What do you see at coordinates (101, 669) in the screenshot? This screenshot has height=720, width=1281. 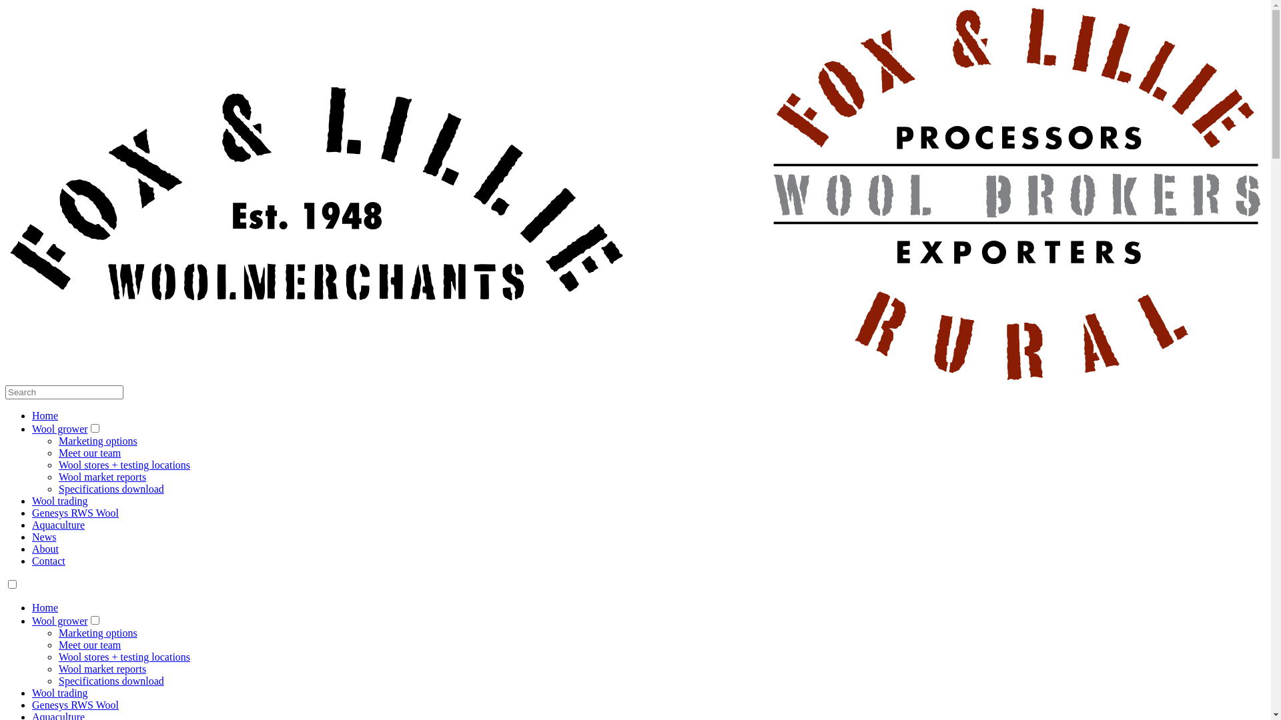 I see `'Wool market reports'` at bounding box center [101, 669].